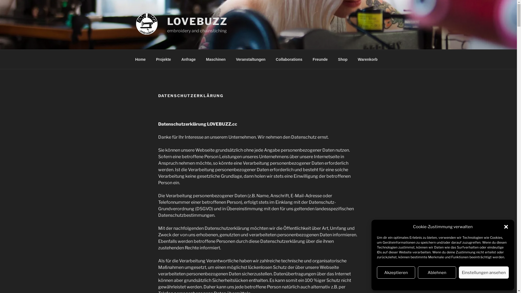 Image resolution: width=521 pixels, height=293 pixels. What do you see at coordinates (289, 59) in the screenshot?
I see `'Collaborations'` at bounding box center [289, 59].